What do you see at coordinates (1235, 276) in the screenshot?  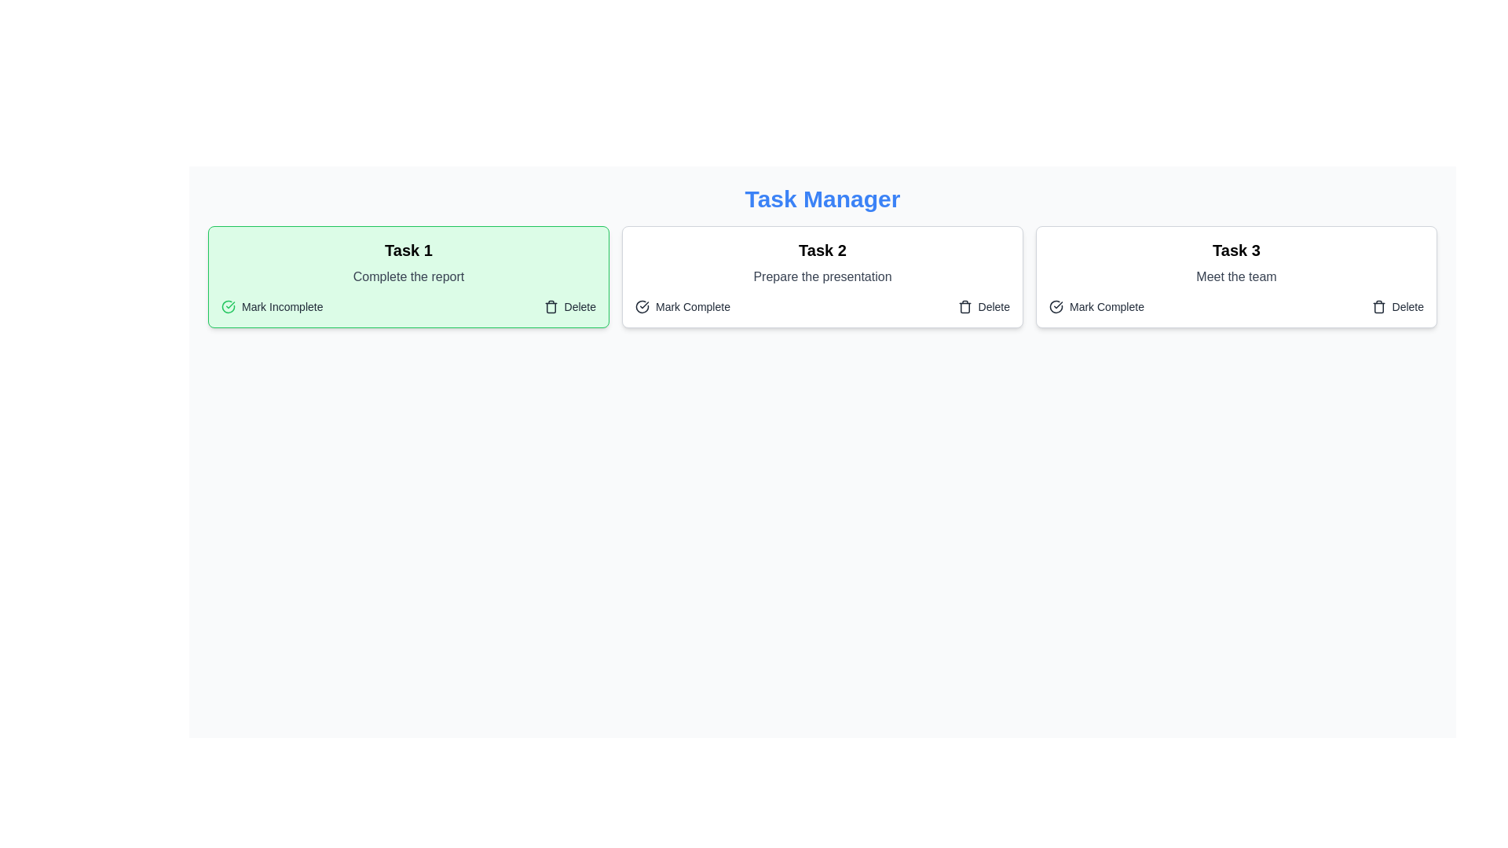 I see `task title and description from the task card located on the far right of the task management interface, which is the third card in a row of three similar task cards` at bounding box center [1235, 276].